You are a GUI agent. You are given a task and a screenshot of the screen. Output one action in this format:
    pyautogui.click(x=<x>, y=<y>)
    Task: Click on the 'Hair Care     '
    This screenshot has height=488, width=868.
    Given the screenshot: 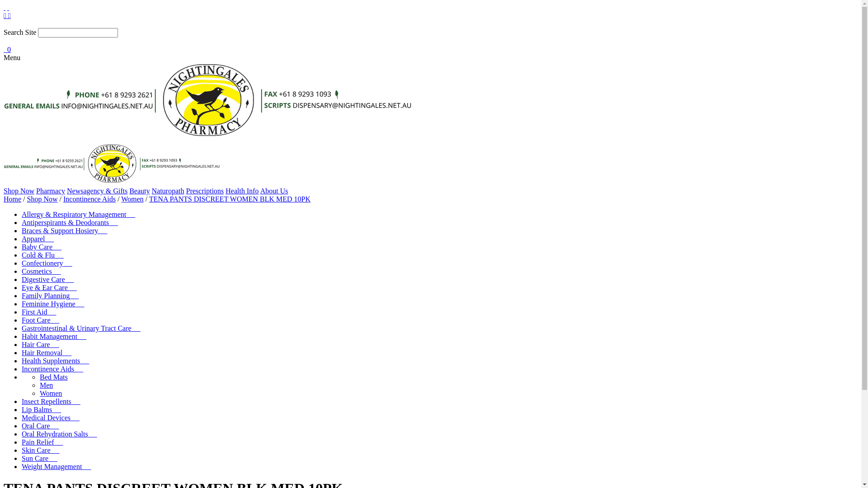 What is the action you would take?
    pyautogui.click(x=22, y=344)
    